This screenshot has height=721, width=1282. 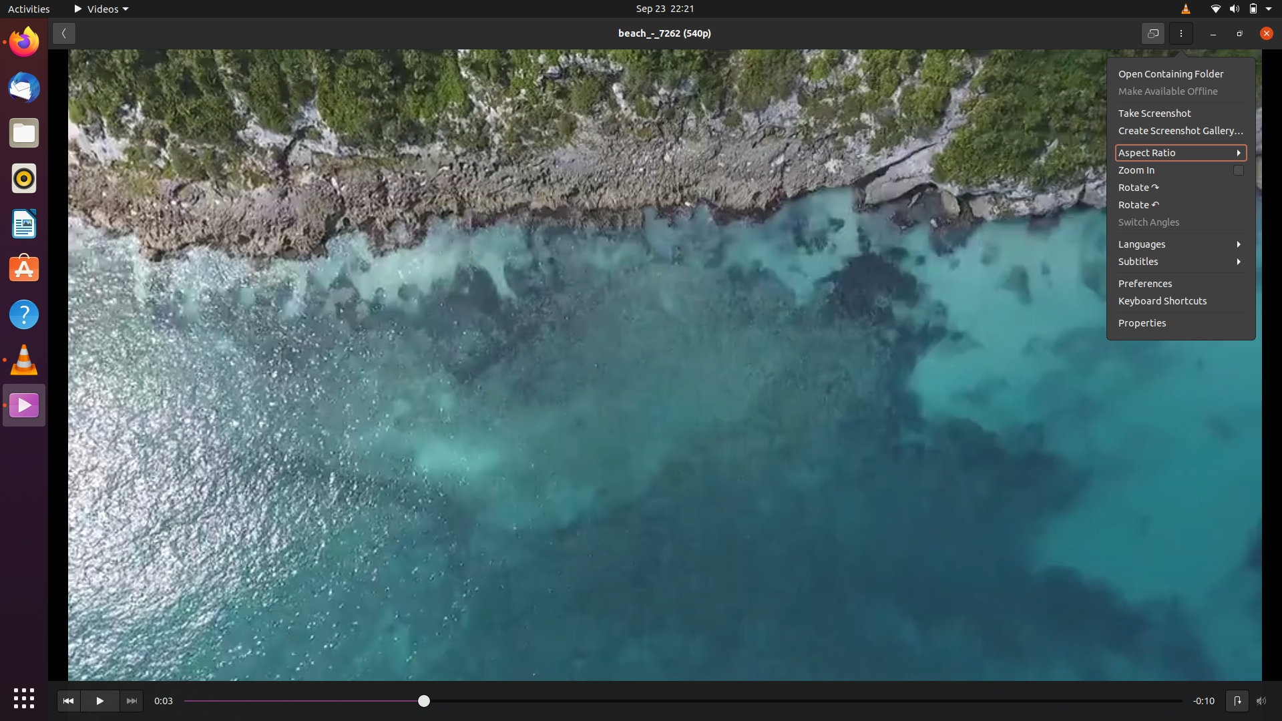 I want to click on Go to the next video in the playlist, so click(x=131, y=700).